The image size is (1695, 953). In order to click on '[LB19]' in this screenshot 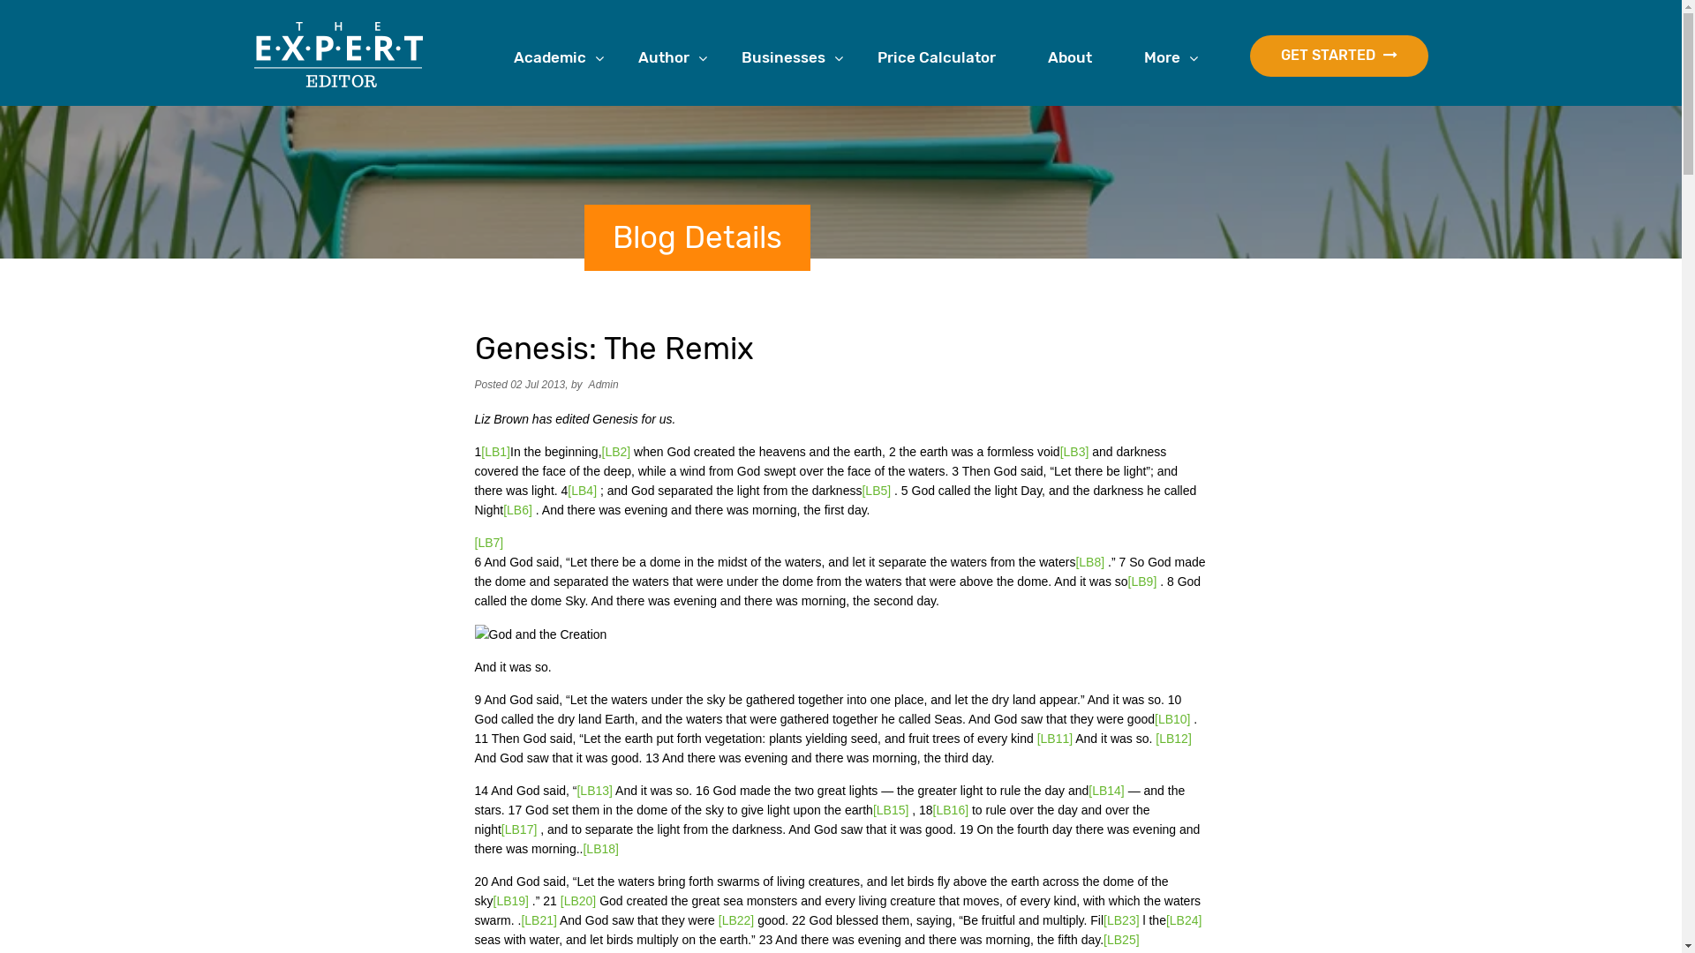, I will do `click(508, 901)`.